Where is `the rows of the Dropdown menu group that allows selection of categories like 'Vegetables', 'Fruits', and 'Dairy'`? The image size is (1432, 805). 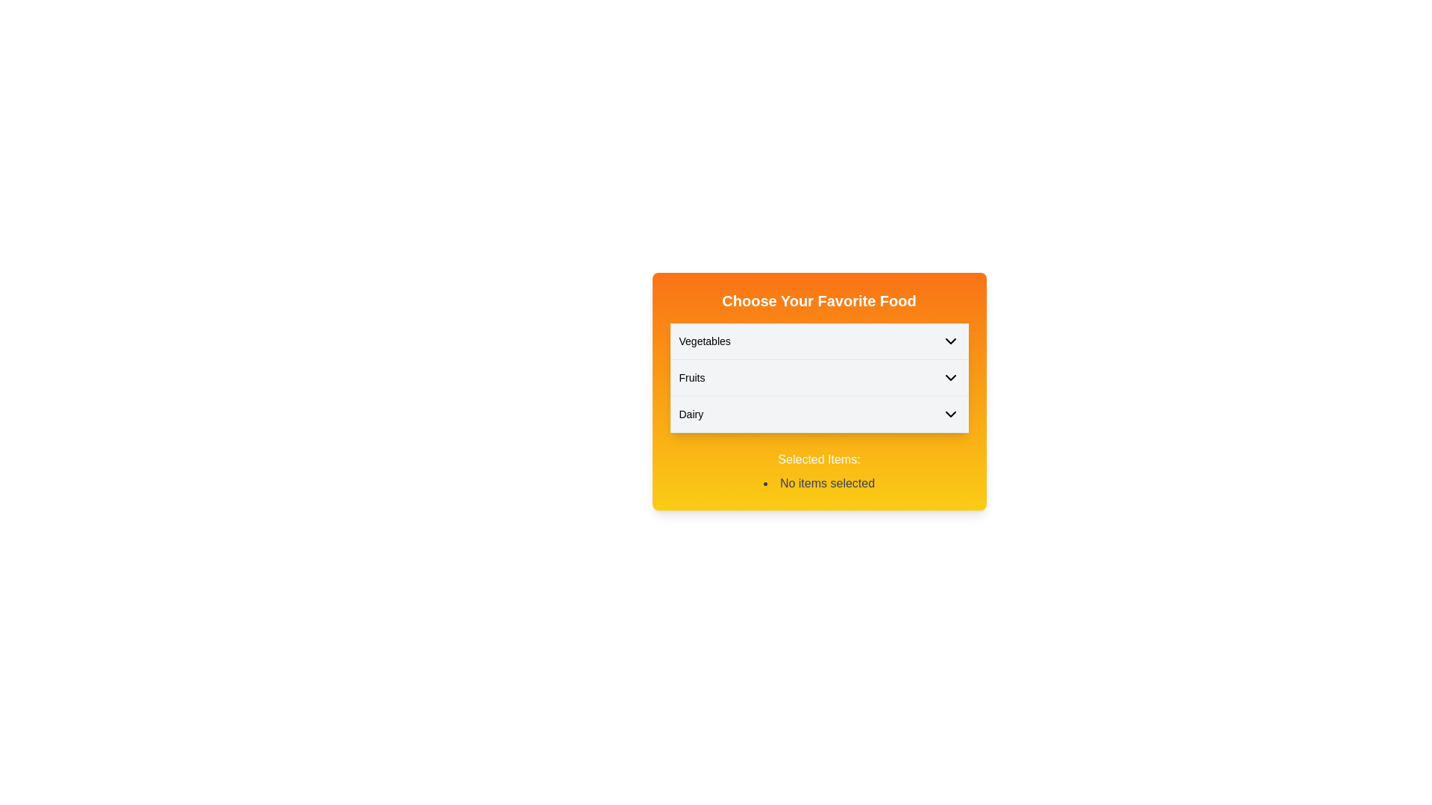
the rows of the Dropdown menu group that allows selection of categories like 'Vegetables', 'Fruits', and 'Dairy' is located at coordinates (818, 377).